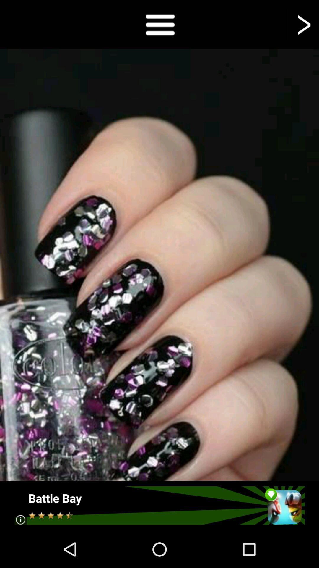  Describe the element at coordinates (159, 505) in the screenshot. I see `advertisement` at that location.